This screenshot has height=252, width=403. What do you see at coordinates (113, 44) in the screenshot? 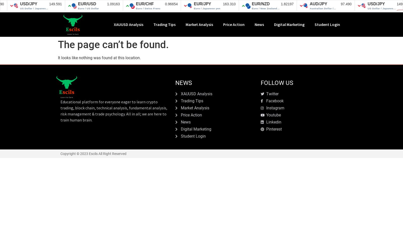
I see `'The page can’t be found.'` at bounding box center [113, 44].